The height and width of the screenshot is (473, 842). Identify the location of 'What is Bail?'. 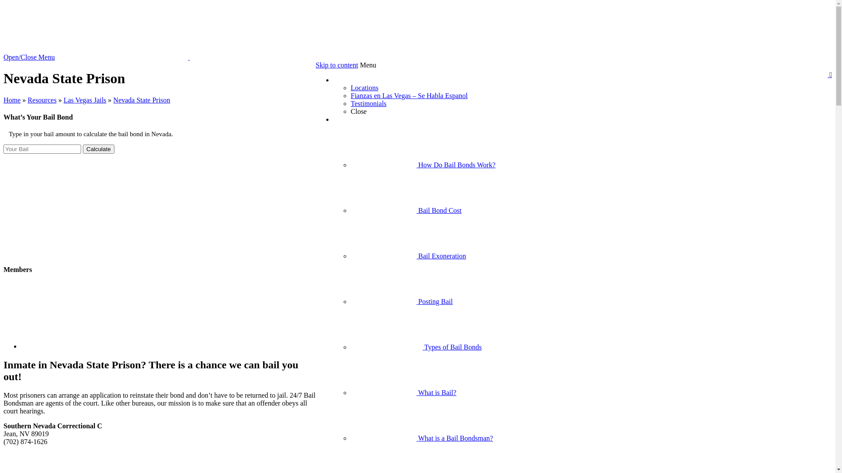
(403, 392).